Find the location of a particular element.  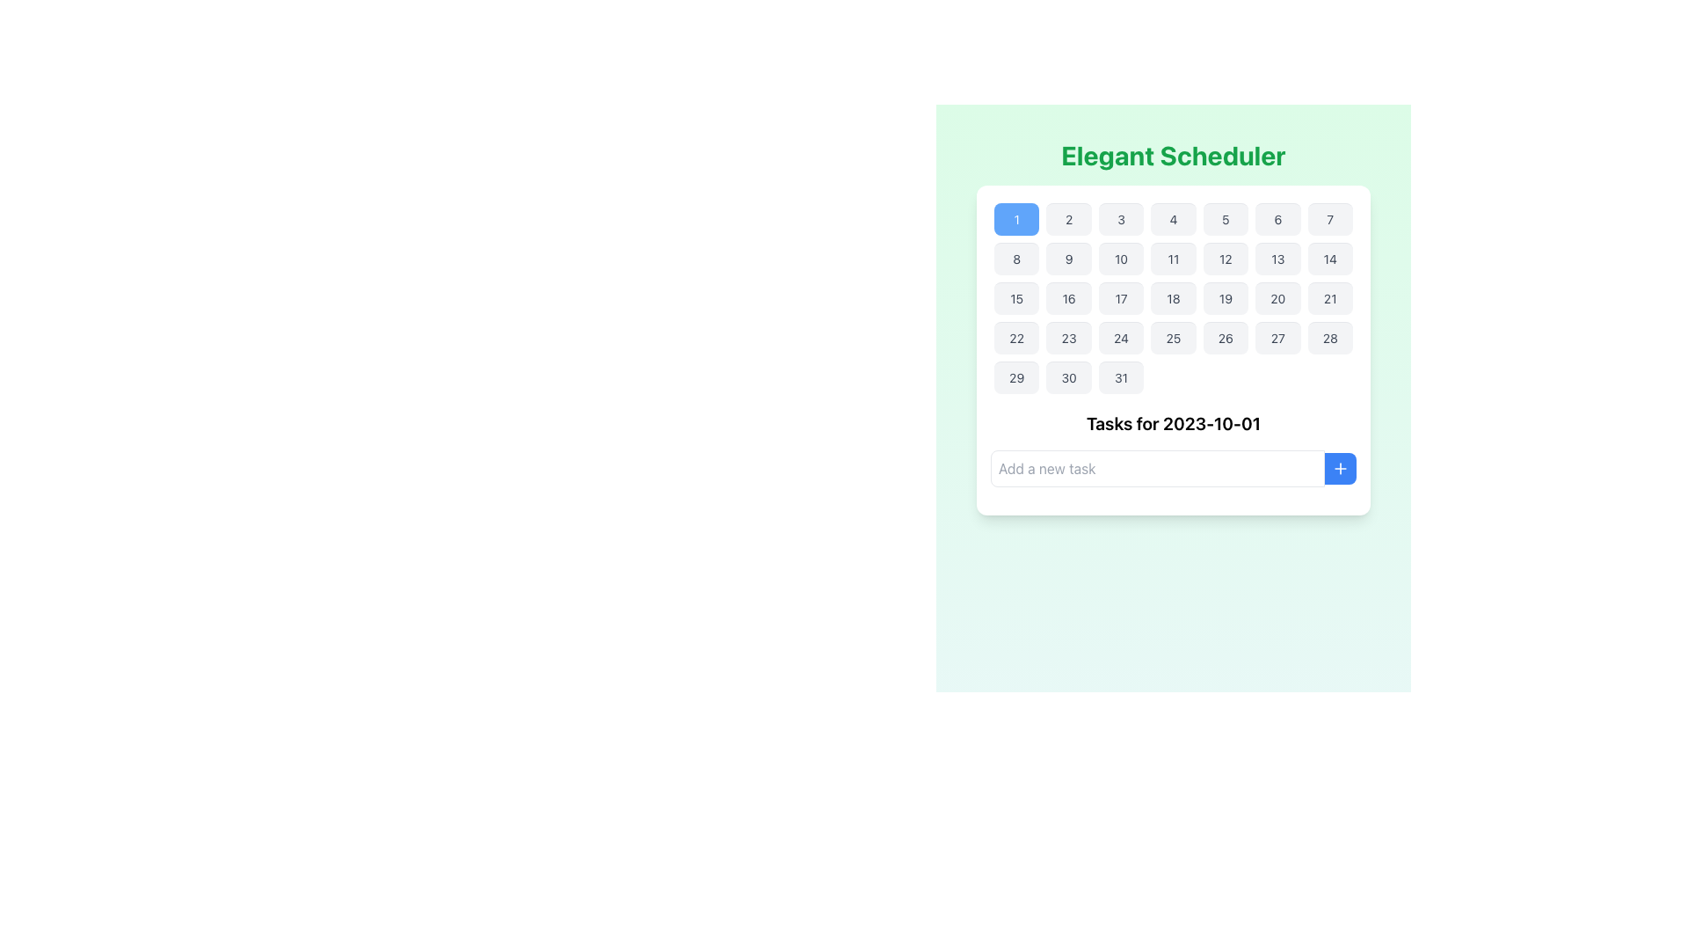

from the selectable day button in the calendar interface is located at coordinates (1016, 376).